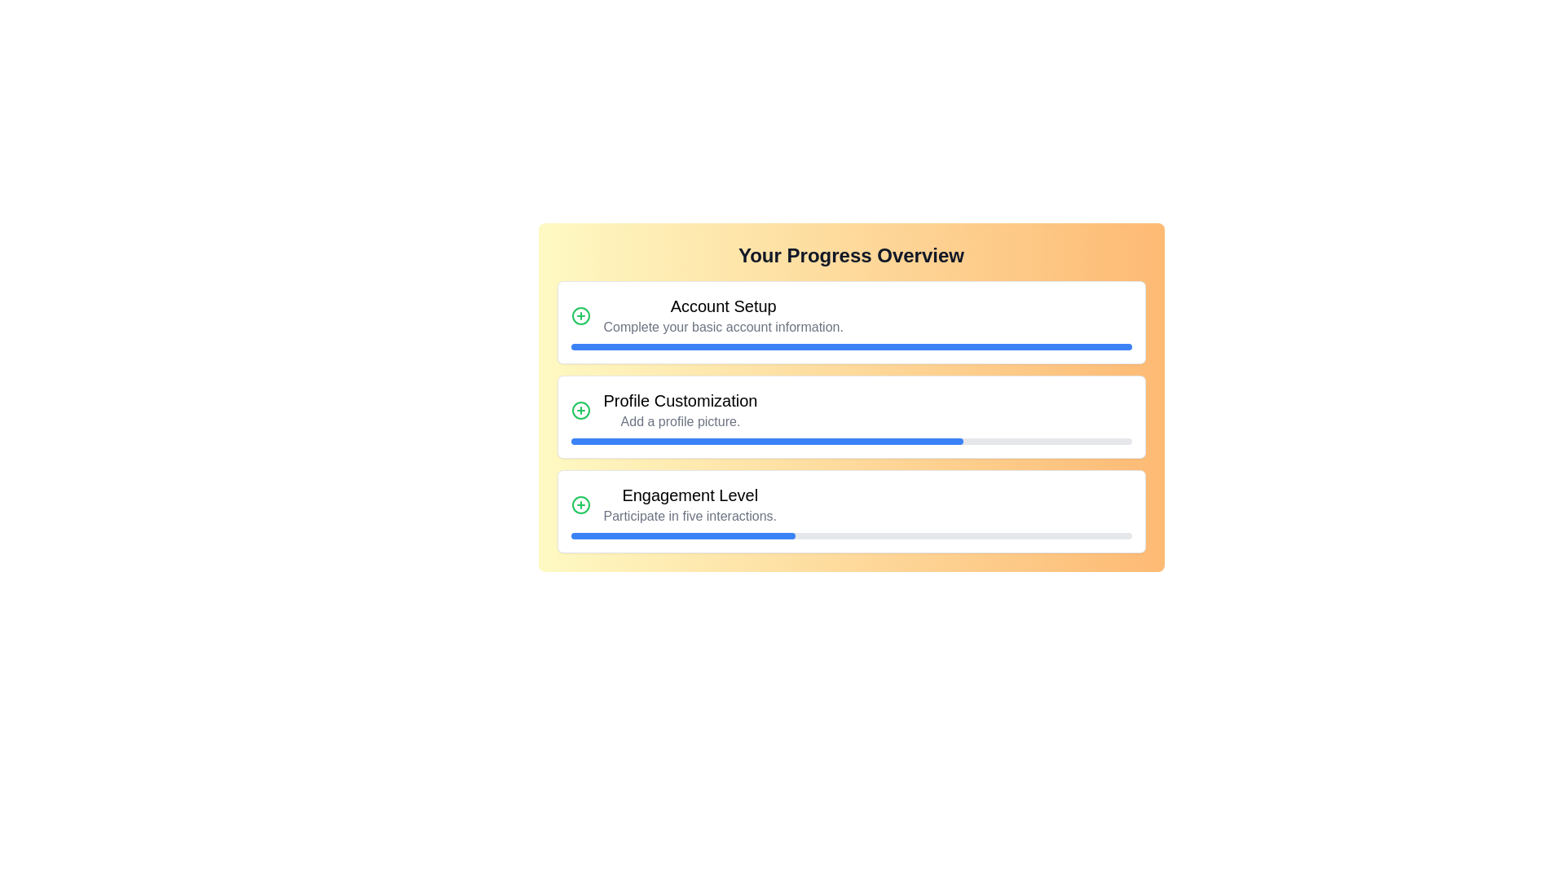 The height and width of the screenshot is (880, 1565). Describe the element at coordinates (850, 255) in the screenshot. I see `the heading element that serves as a title for the progress overview section, located at the top of the panel summarizing the purpose of the panel below it` at that location.